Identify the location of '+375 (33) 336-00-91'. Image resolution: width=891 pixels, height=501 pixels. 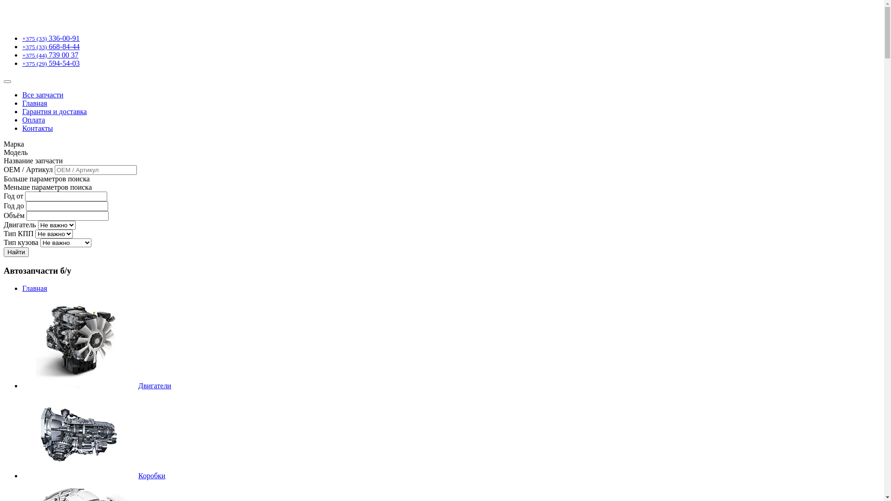
(51, 38).